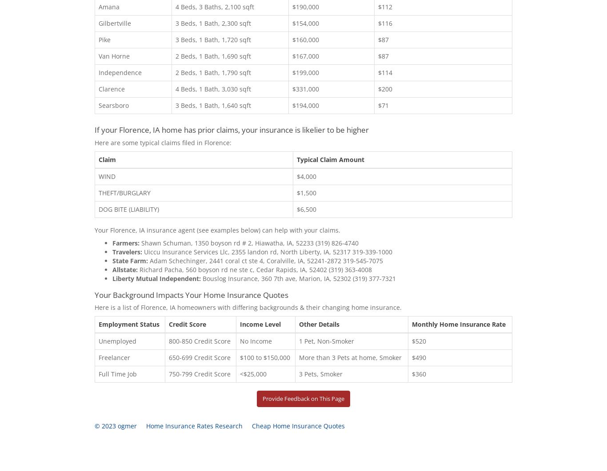  I want to click on '$190,000', so click(306, 6).